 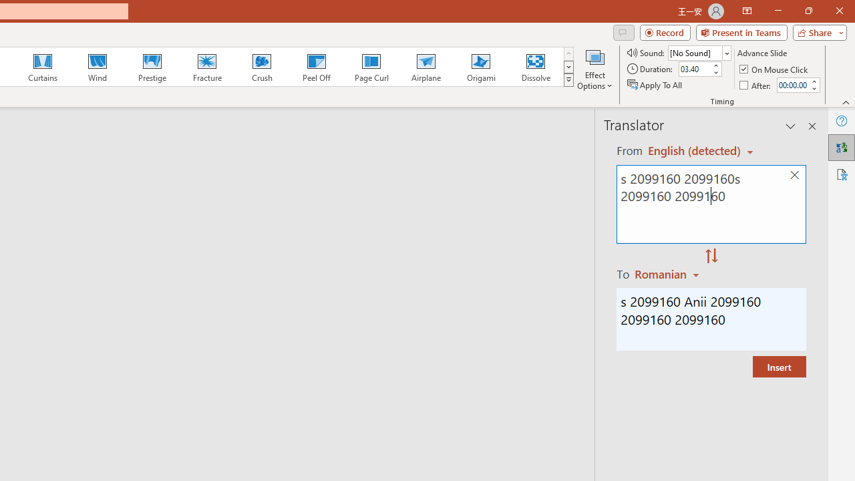 I want to click on 'Origami', so click(x=481, y=67).